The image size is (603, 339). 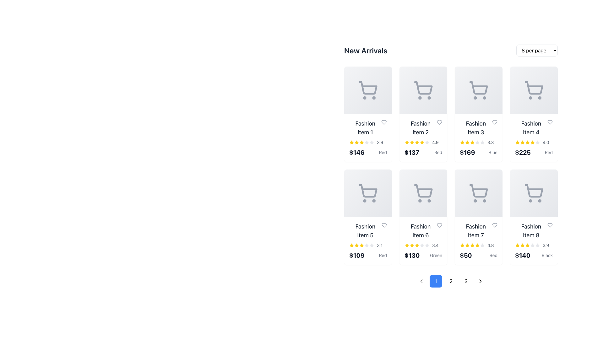 I want to click on the single star icon in the five-star rating system for 'Fashion Item 5', located in the second row, first column of the product grid, so click(x=351, y=245).